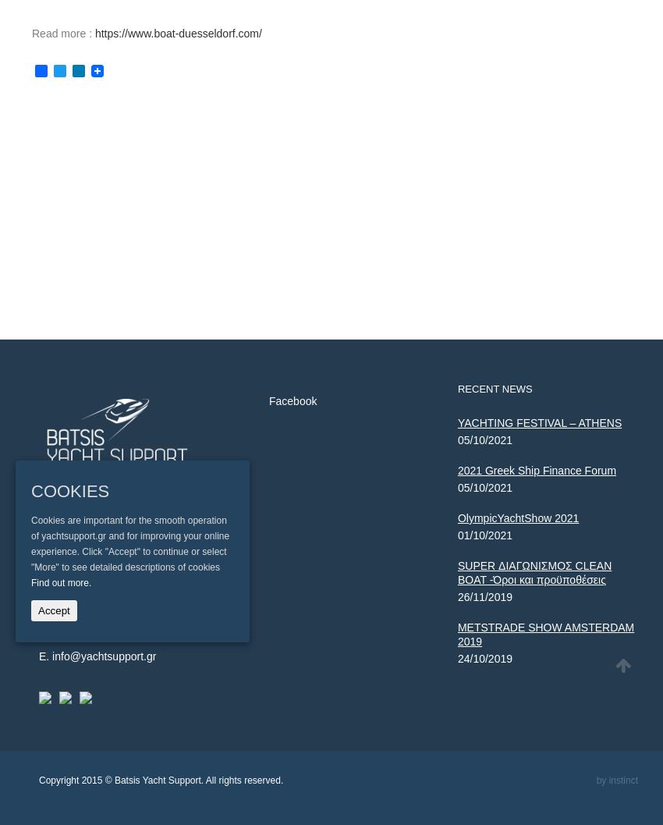 This screenshot has height=825, width=663. I want to click on 'Office:', so click(38, 594).